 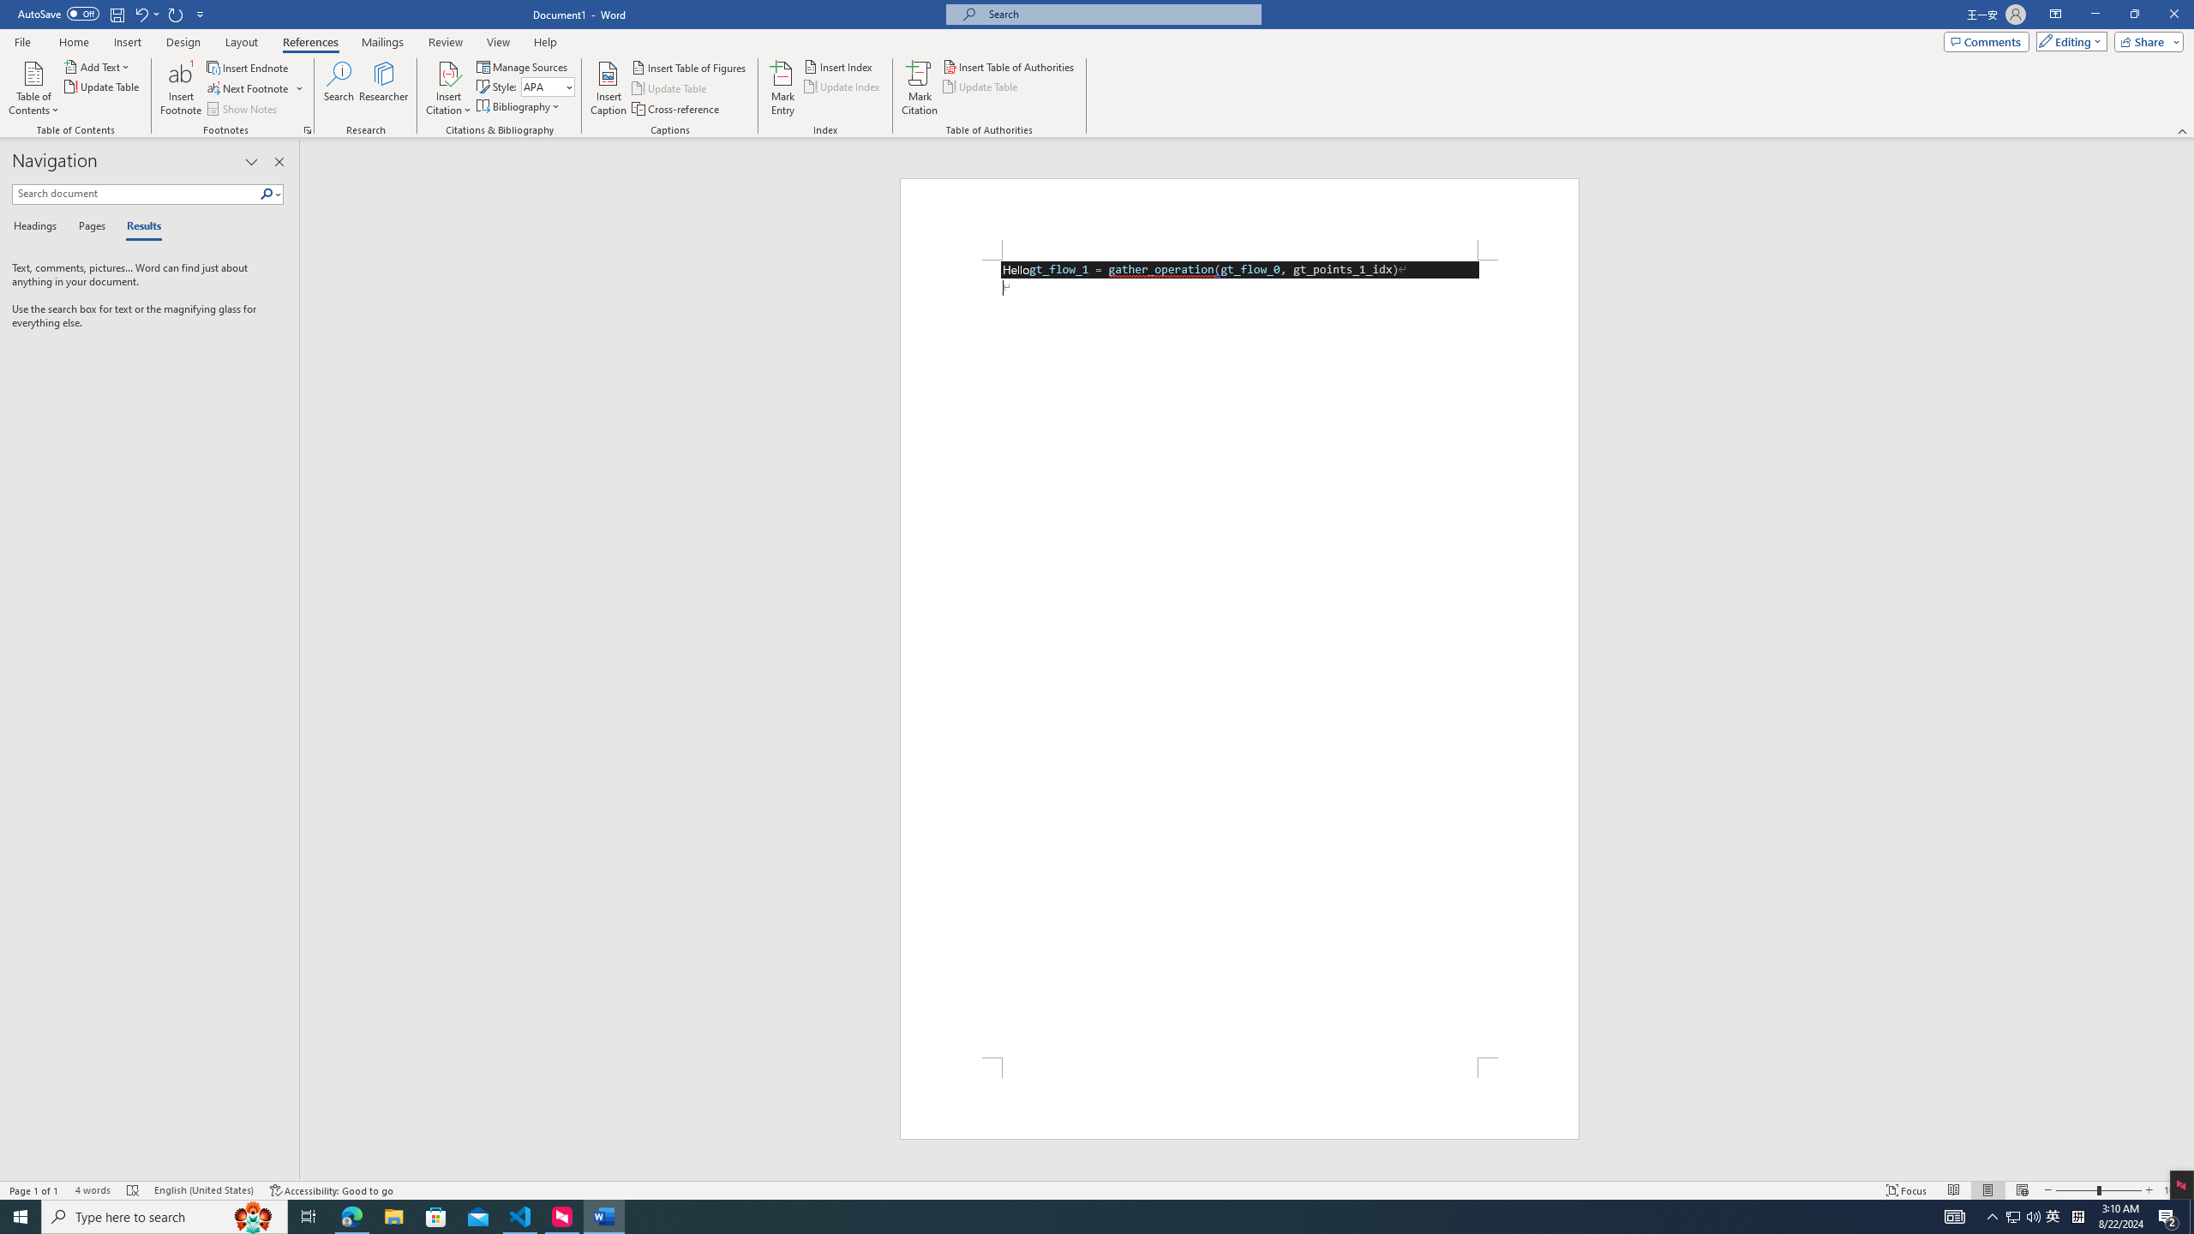 I want to click on 'Cross-reference...', so click(x=675, y=109).